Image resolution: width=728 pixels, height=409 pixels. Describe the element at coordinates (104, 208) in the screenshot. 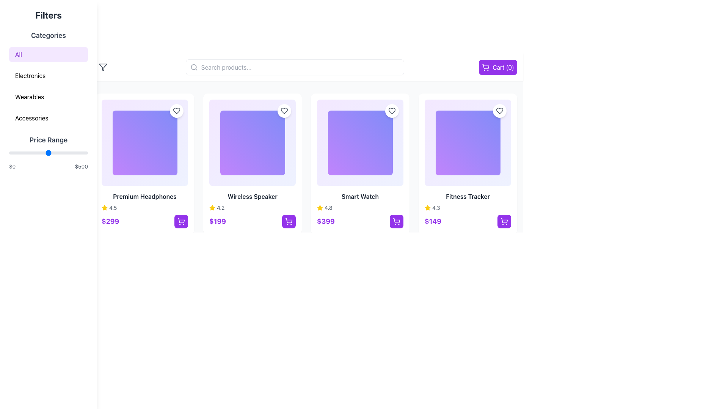

I see `the rating icon located below the product image and adjacent to the product title of 'Premium Headphones'` at that location.